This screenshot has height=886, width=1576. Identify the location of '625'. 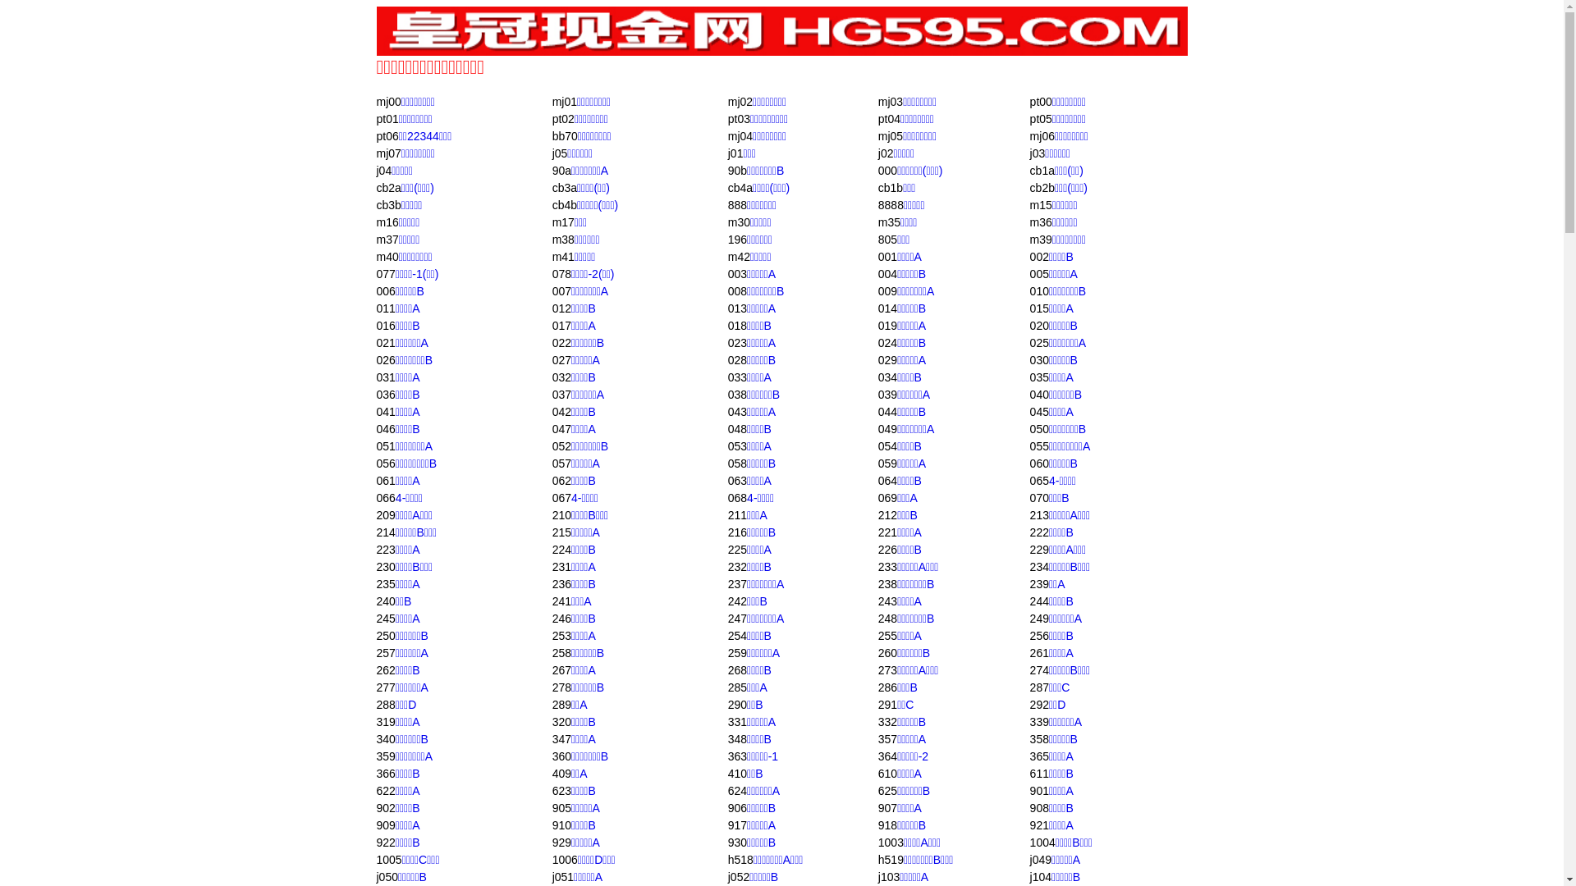
(877, 790).